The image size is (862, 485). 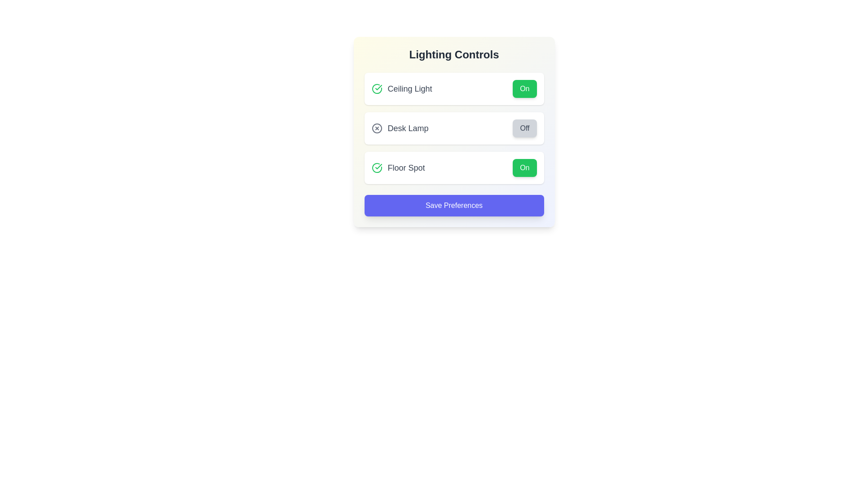 What do you see at coordinates (454, 206) in the screenshot?
I see `'Save Preferences' button to save the current lighting settings` at bounding box center [454, 206].